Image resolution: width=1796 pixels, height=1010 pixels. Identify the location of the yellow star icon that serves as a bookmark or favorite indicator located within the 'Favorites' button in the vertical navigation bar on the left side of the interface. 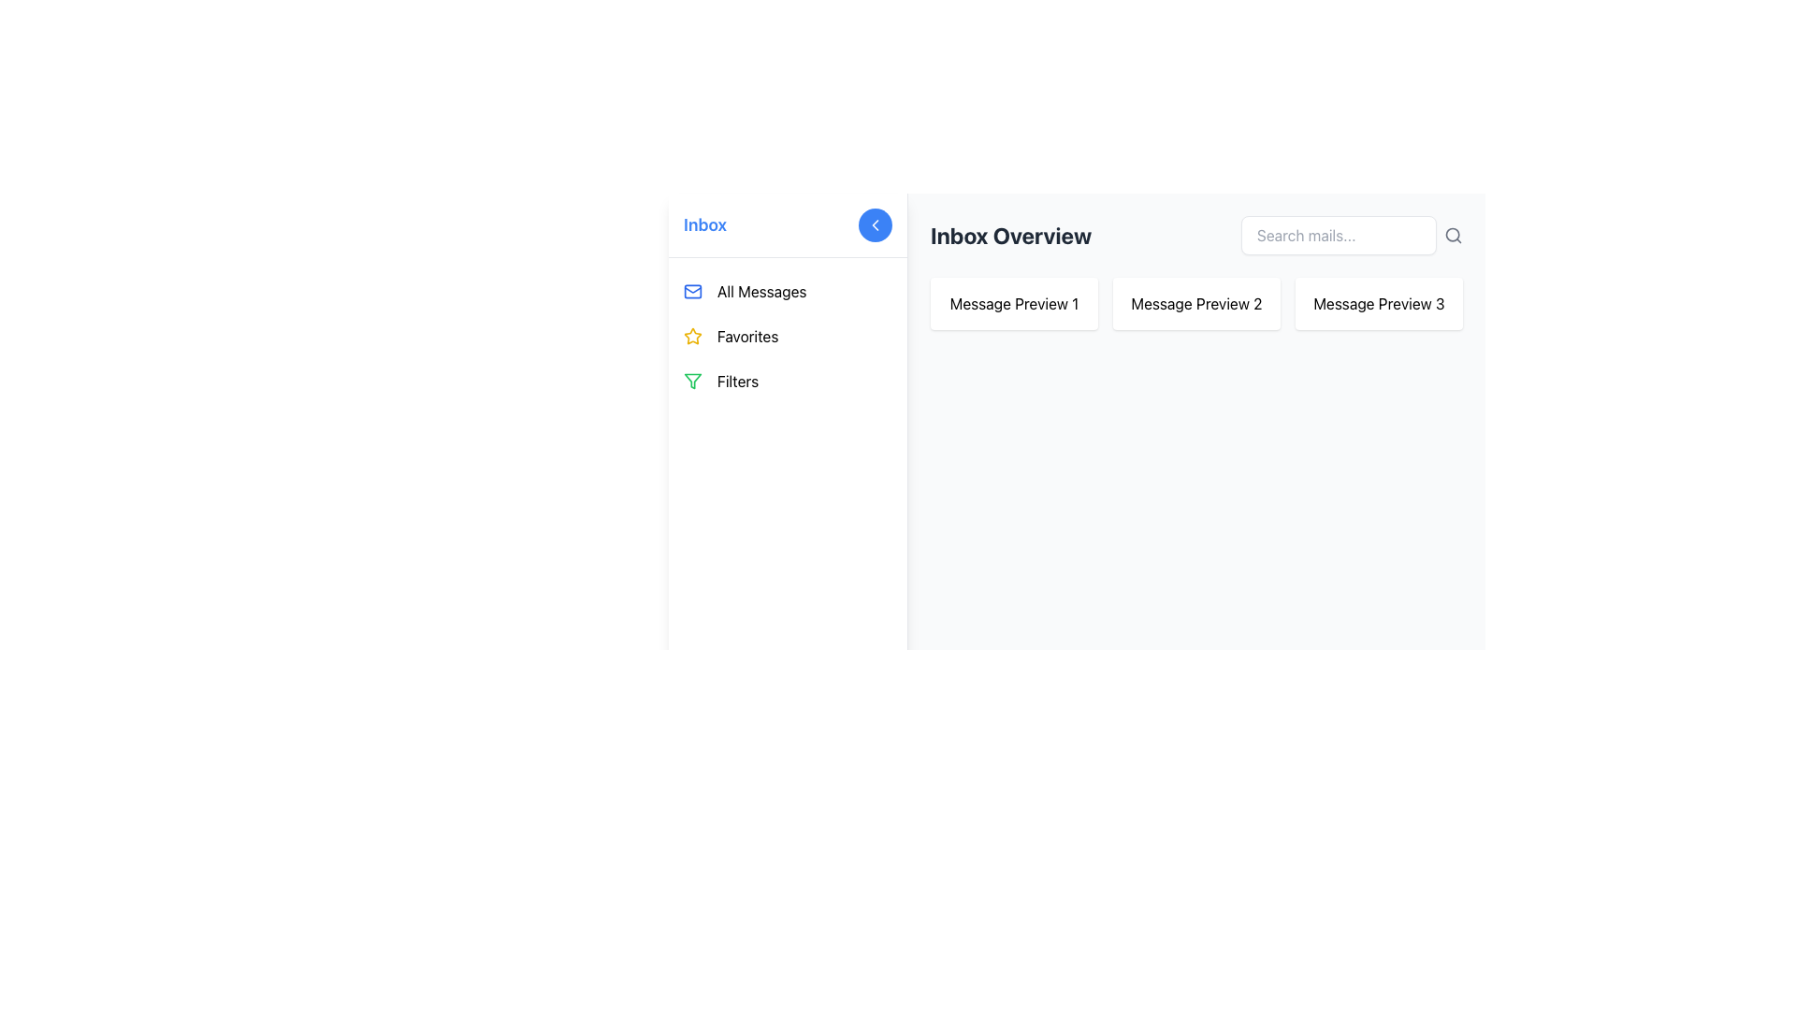
(691, 335).